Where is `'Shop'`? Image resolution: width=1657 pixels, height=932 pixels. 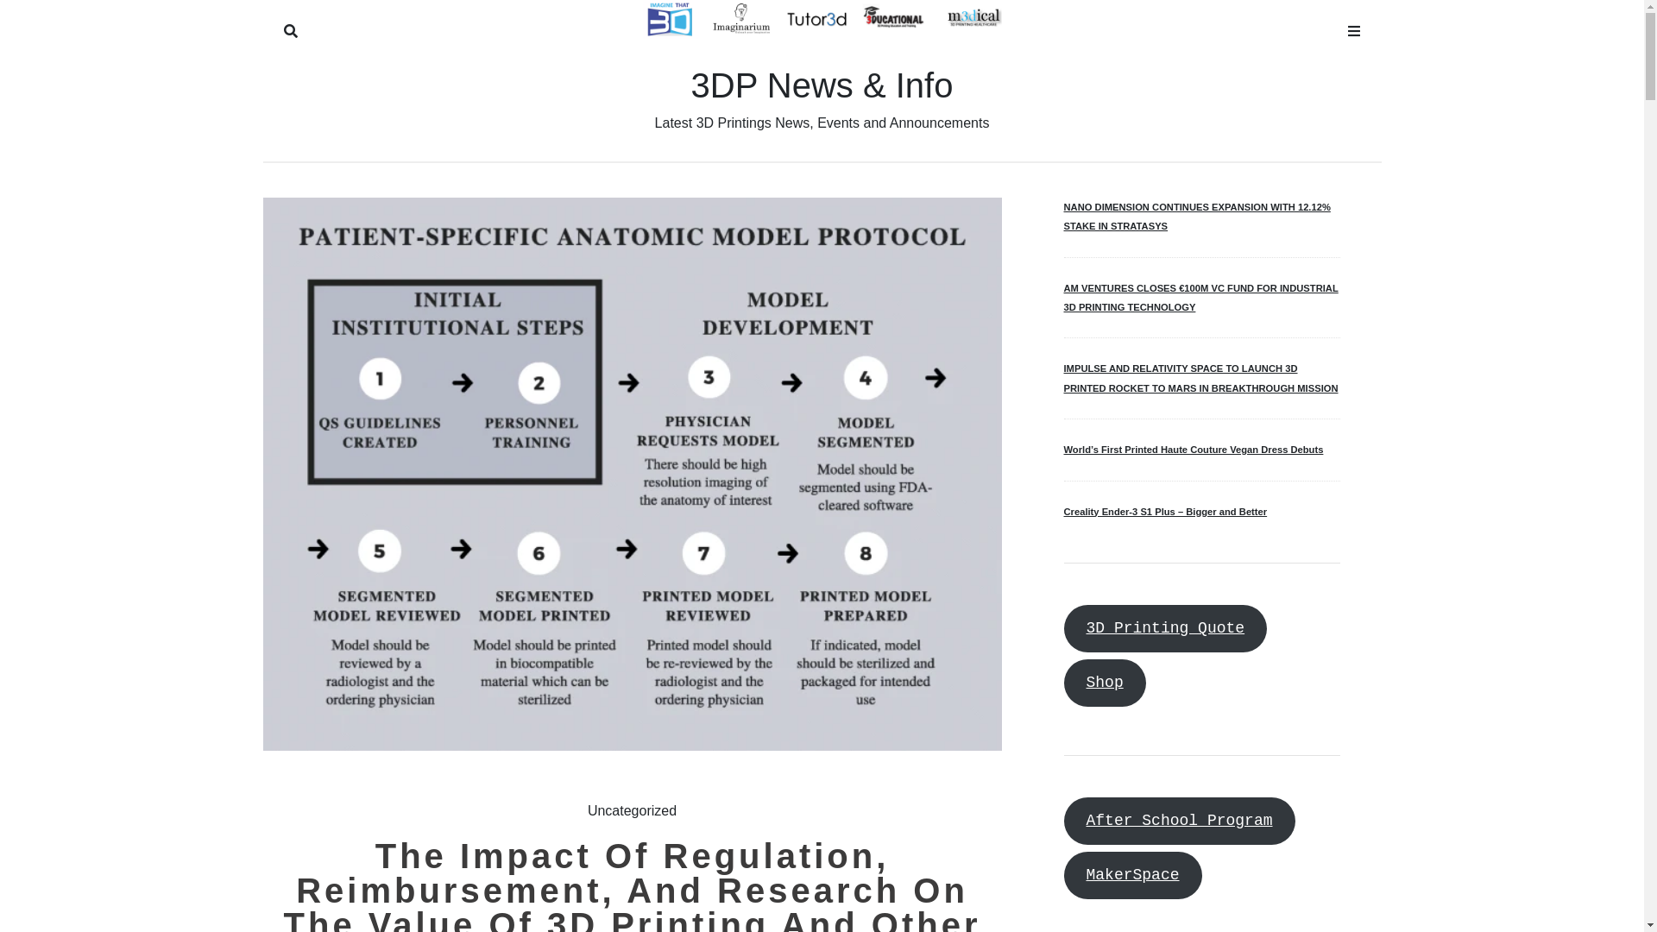
'Shop' is located at coordinates (1103, 682).